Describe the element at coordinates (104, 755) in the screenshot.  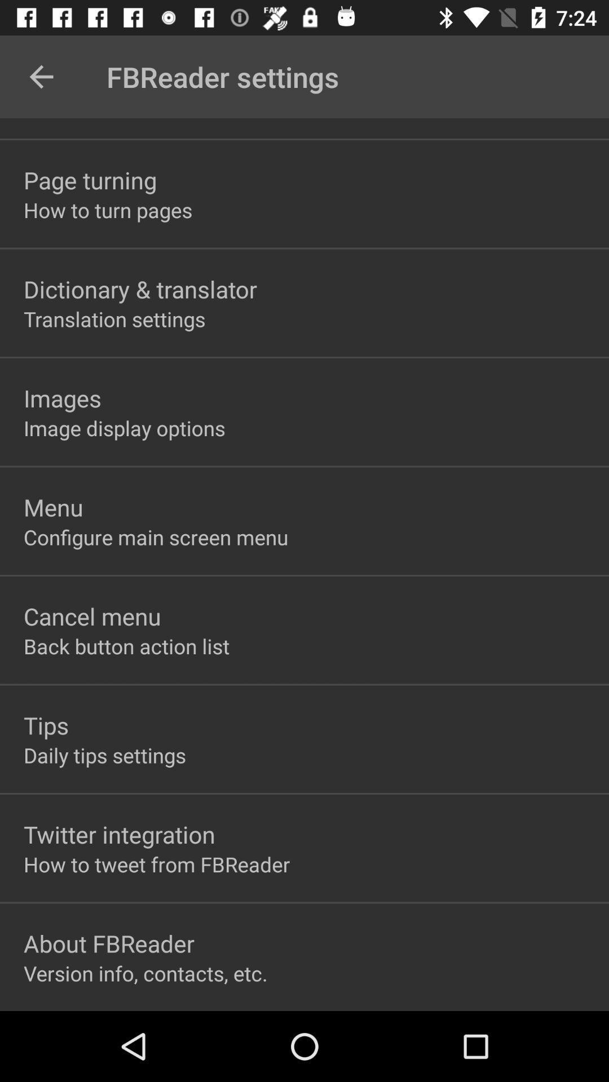
I see `daily tips settings item` at that location.